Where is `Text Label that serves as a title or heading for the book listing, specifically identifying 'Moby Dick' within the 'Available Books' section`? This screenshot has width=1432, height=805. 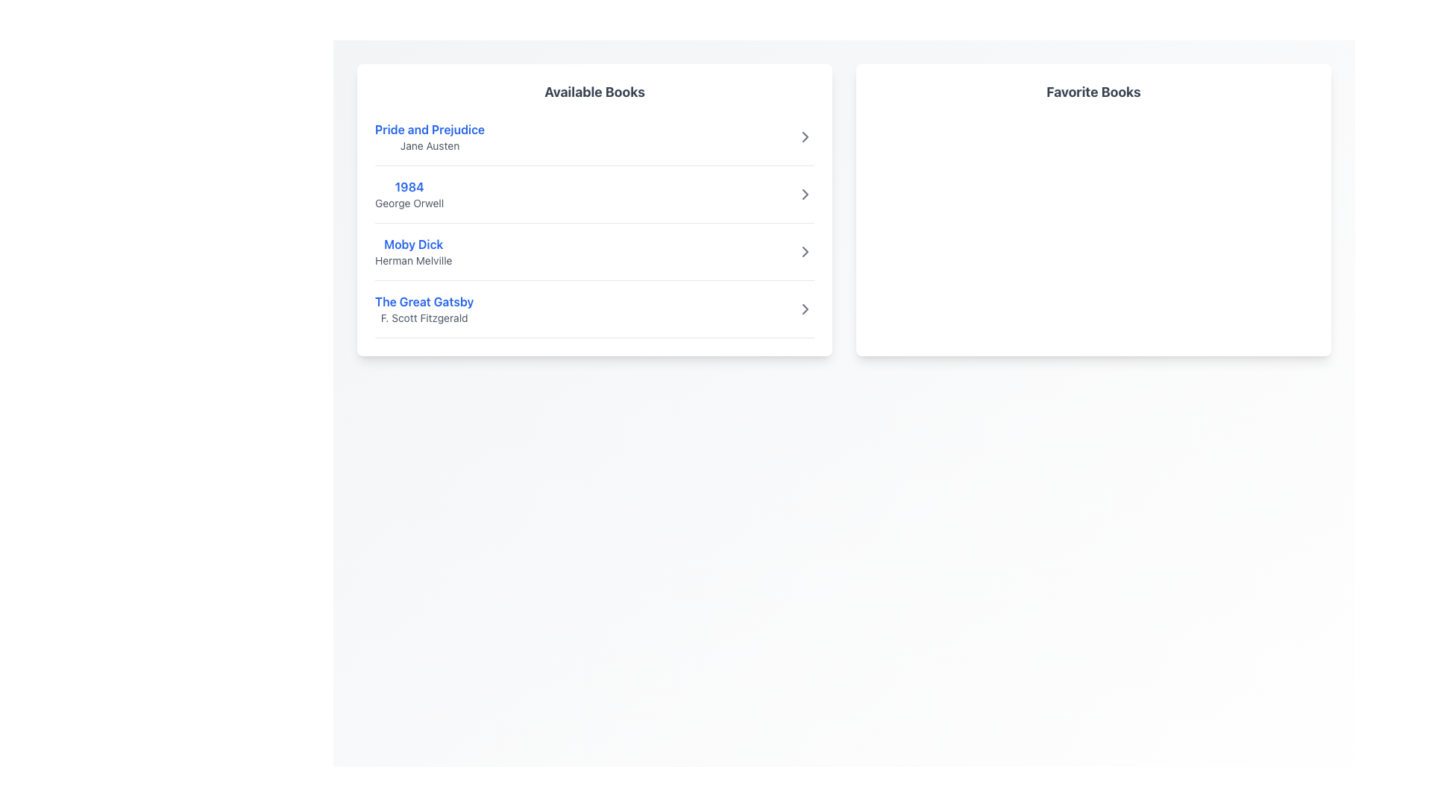
Text Label that serves as a title or heading for the book listing, specifically identifying 'Moby Dick' within the 'Available Books' section is located at coordinates (413, 243).